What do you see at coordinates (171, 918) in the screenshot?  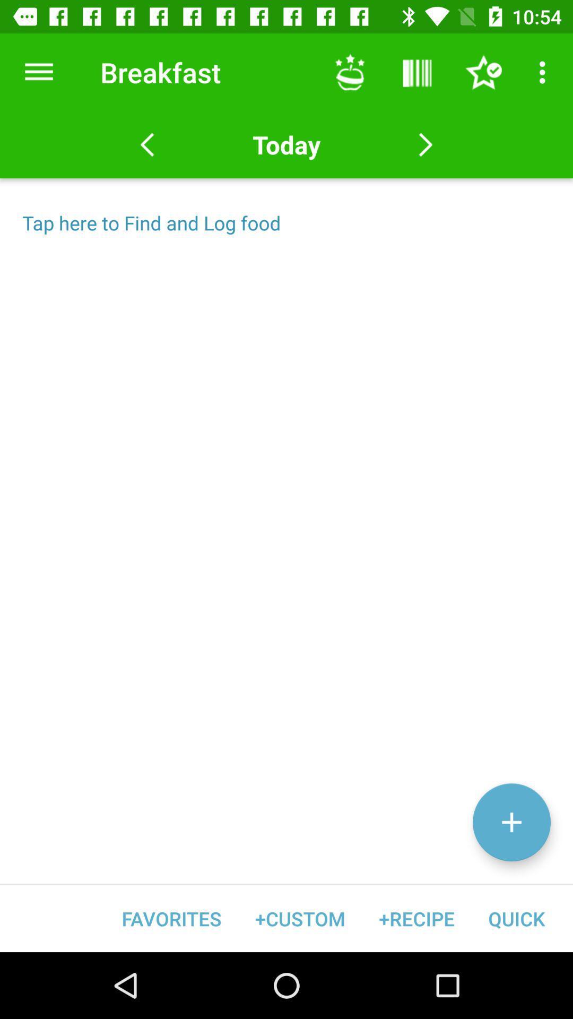 I see `the favorites item` at bounding box center [171, 918].